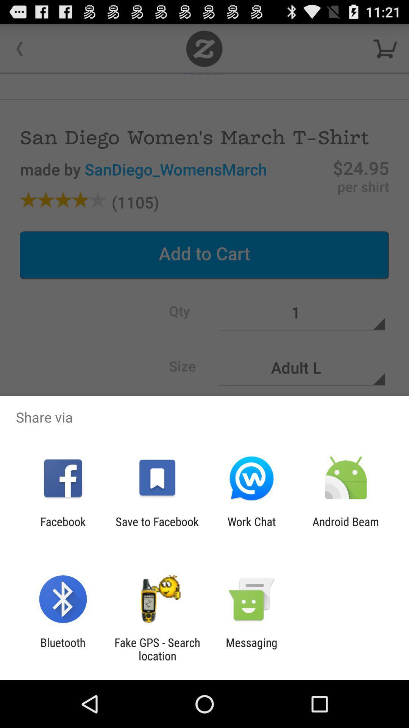  I want to click on save to facebook item, so click(157, 528).